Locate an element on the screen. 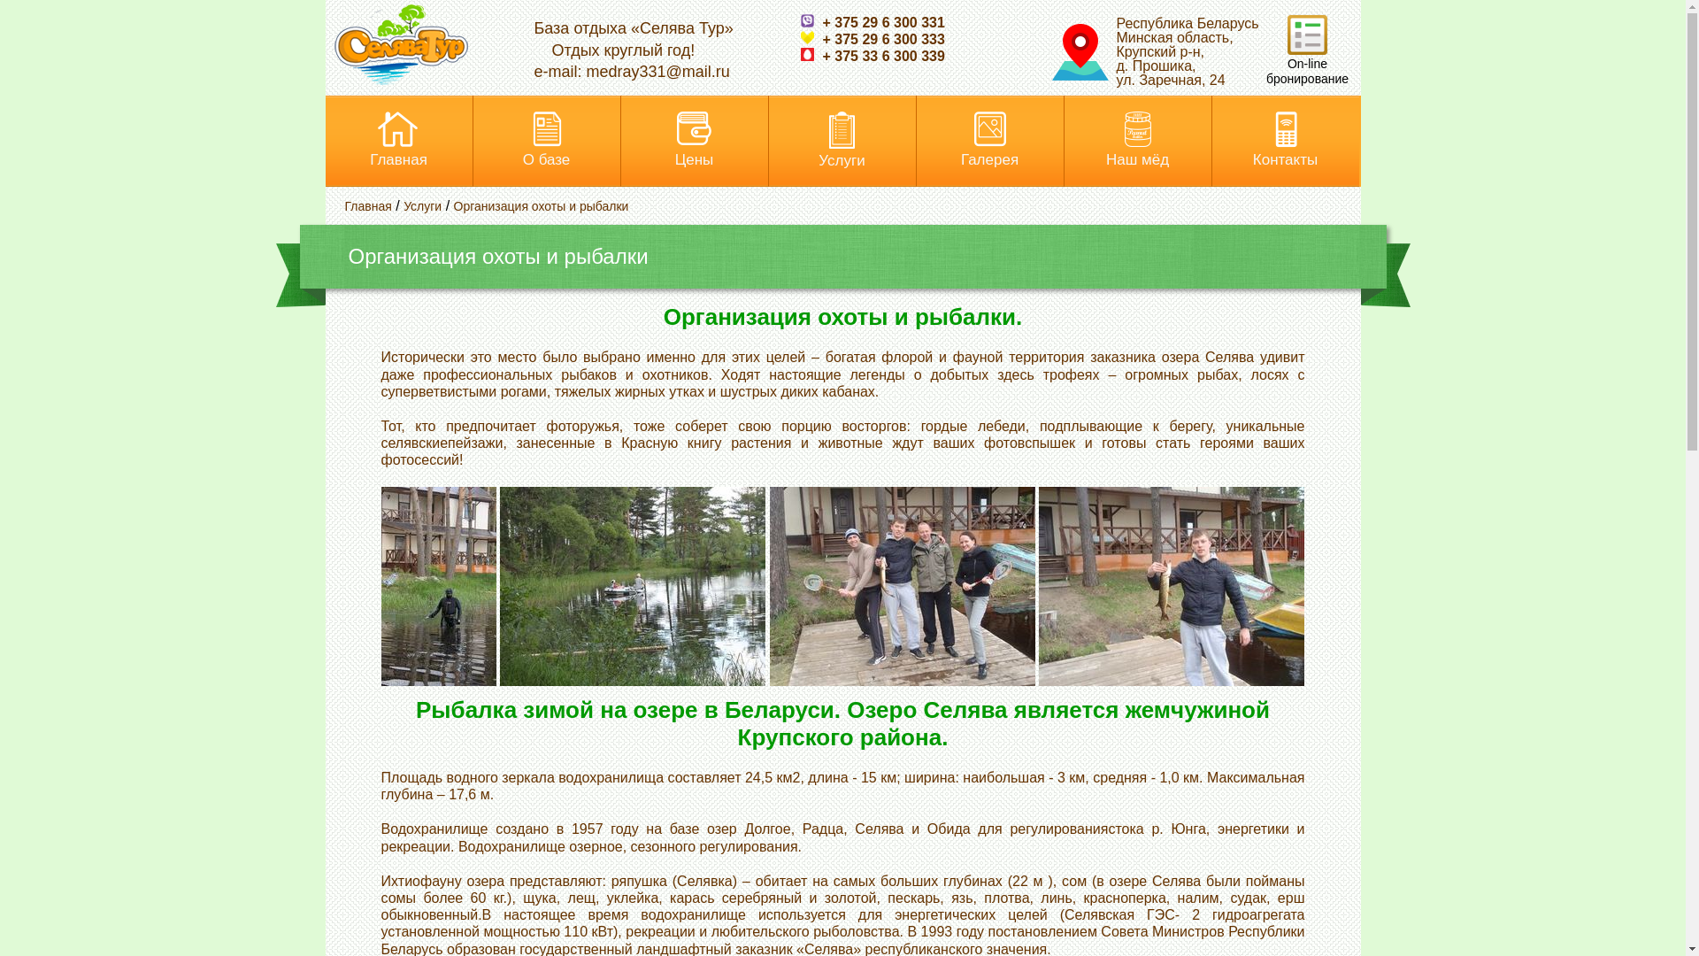 The image size is (1699, 956). '+ 375 29 6 300 333' is located at coordinates (798, 39).